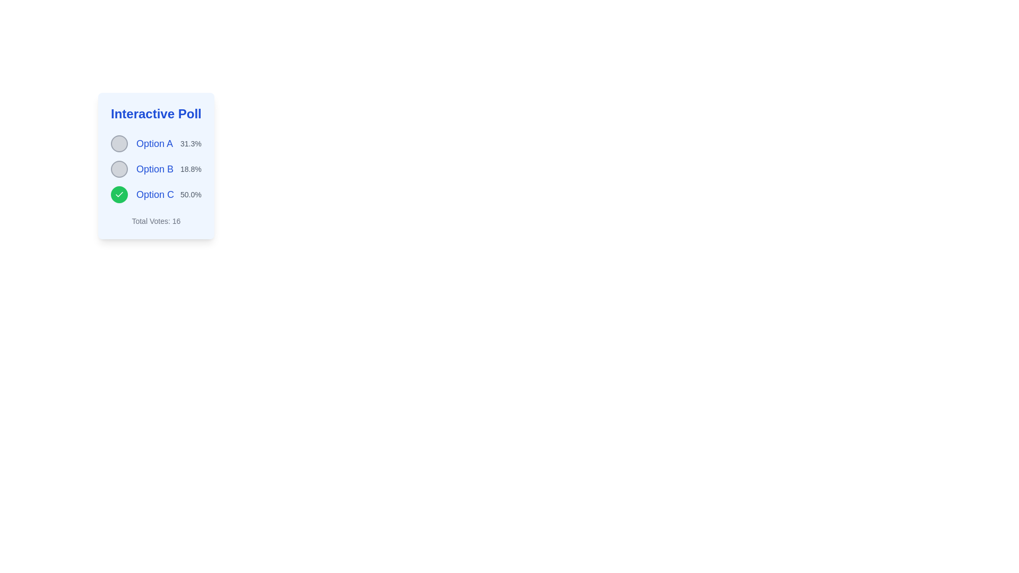 The image size is (1019, 573). I want to click on text content of the selectable option labeled 'Option C', which is the third option in a vertical list of poll options, positioned next to a green circle with a checkmark, so click(154, 194).